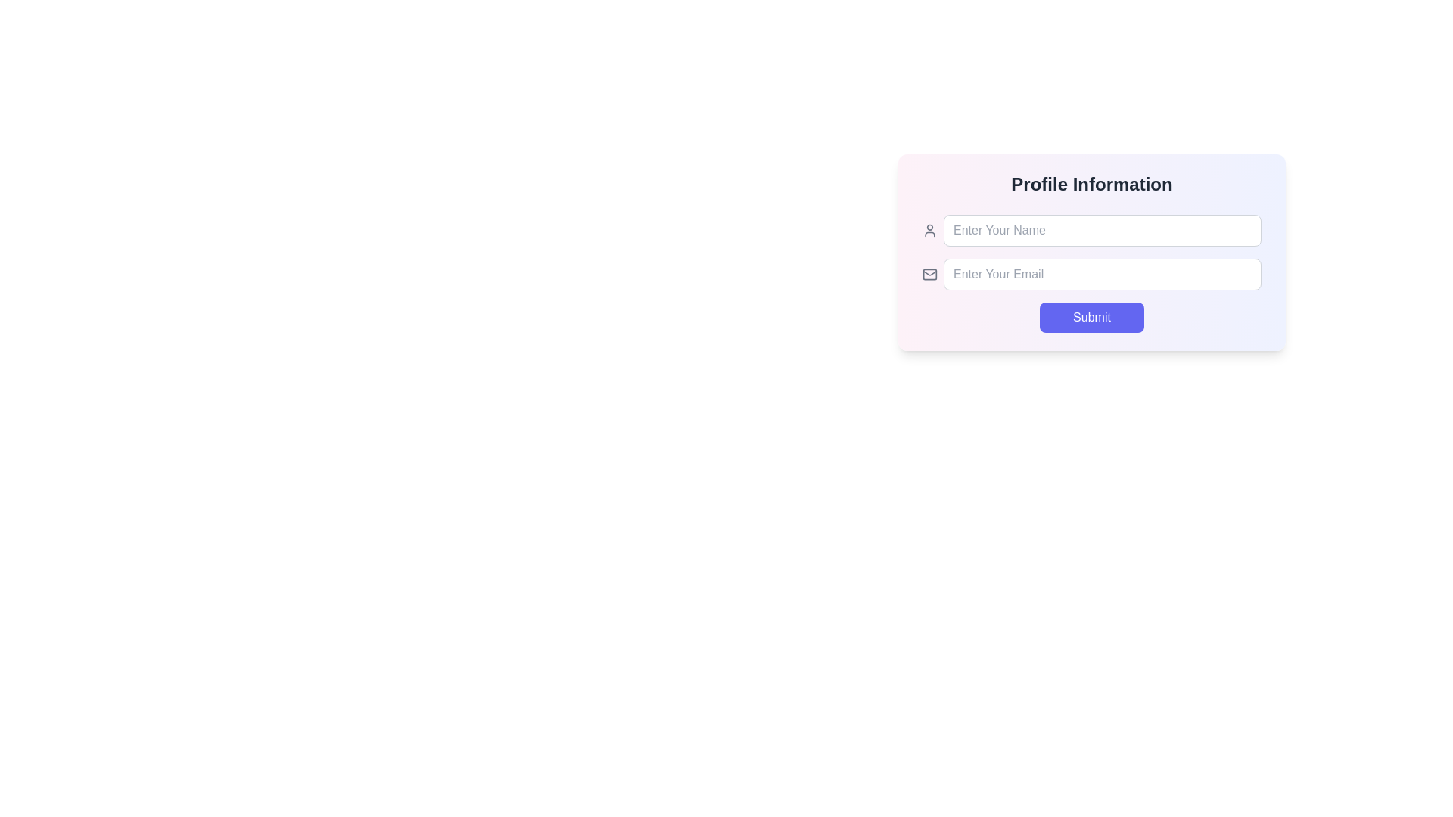  Describe the element at coordinates (929, 274) in the screenshot. I see `the decorative icon located to the left of the email input field, which serves as an indicator for the email input purpose` at that location.